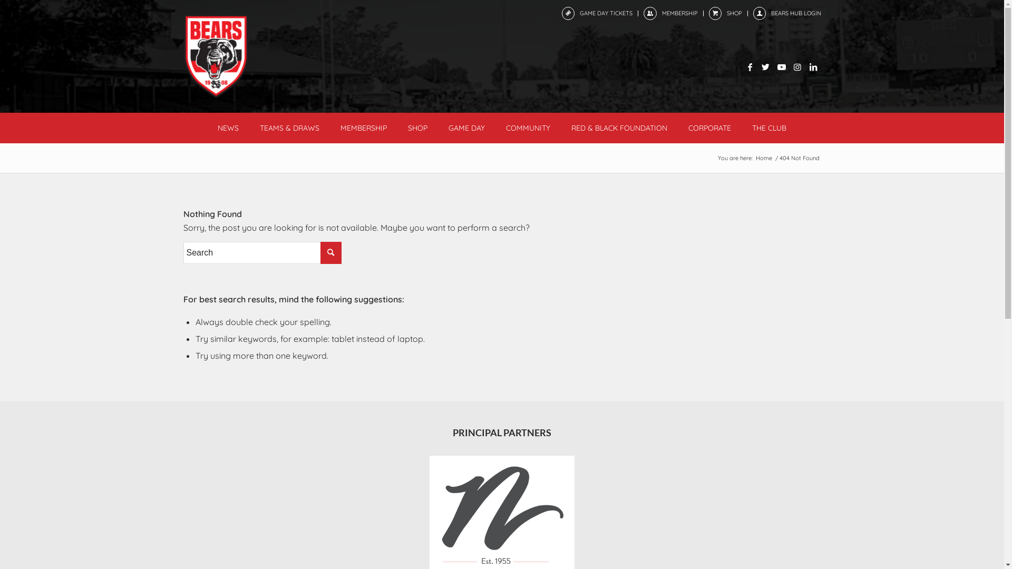 This screenshot has width=1012, height=569. What do you see at coordinates (215, 56) in the screenshot?
I see `'bears'` at bounding box center [215, 56].